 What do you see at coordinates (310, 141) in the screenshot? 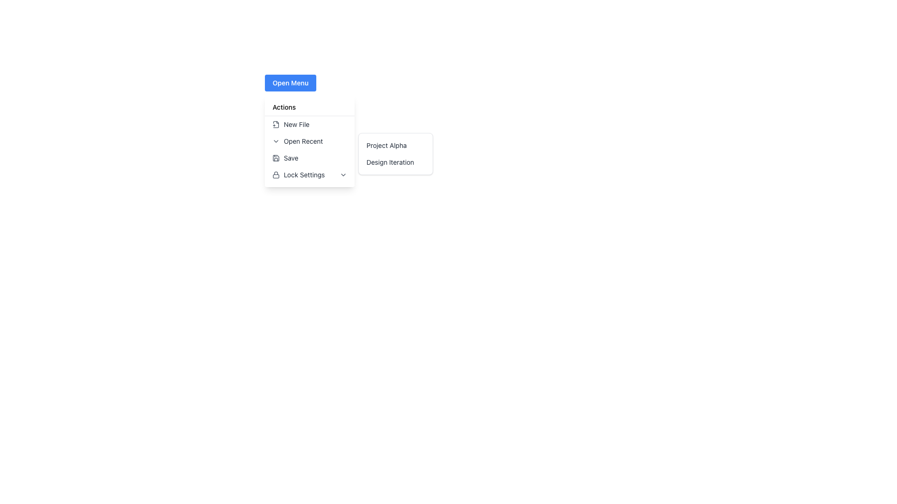
I see `the 'Open Recent' dropdown menu item, which is the second item under the 'Actions' title in the vertical list` at bounding box center [310, 141].